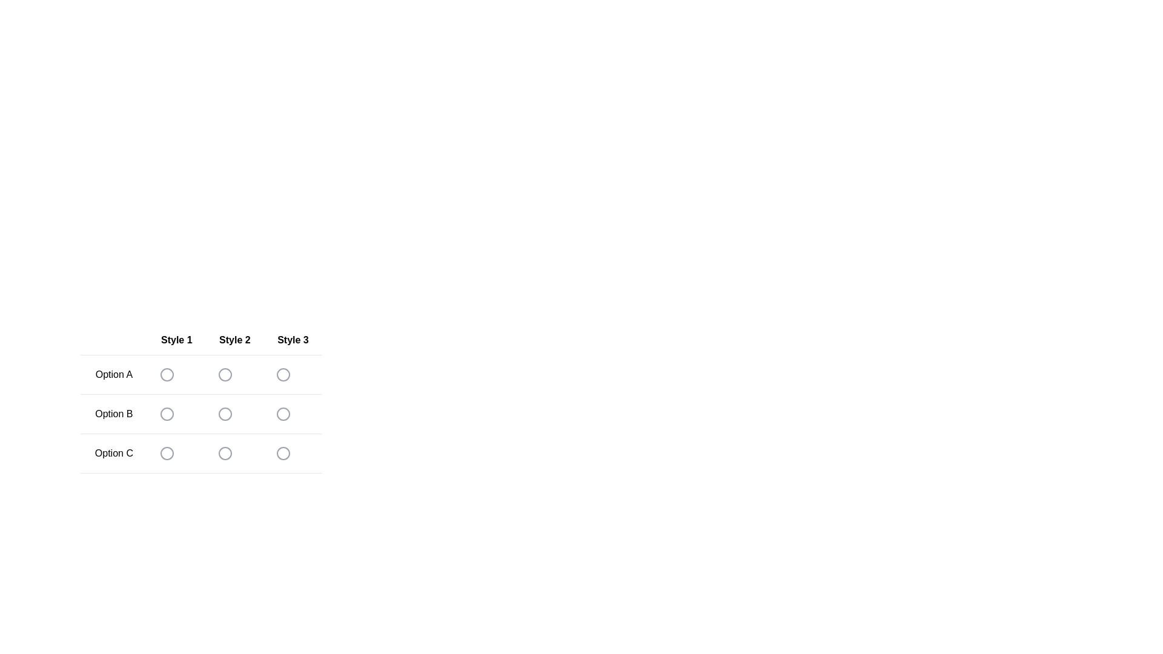 Image resolution: width=1163 pixels, height=654 pixels. What do you see at coordinates (282, 453) in the screenshot?
I see `the circular radio button indicator located in the third column of the third row under 'Style 3' in the 'Option C' row` at bounding box center [282, 453].